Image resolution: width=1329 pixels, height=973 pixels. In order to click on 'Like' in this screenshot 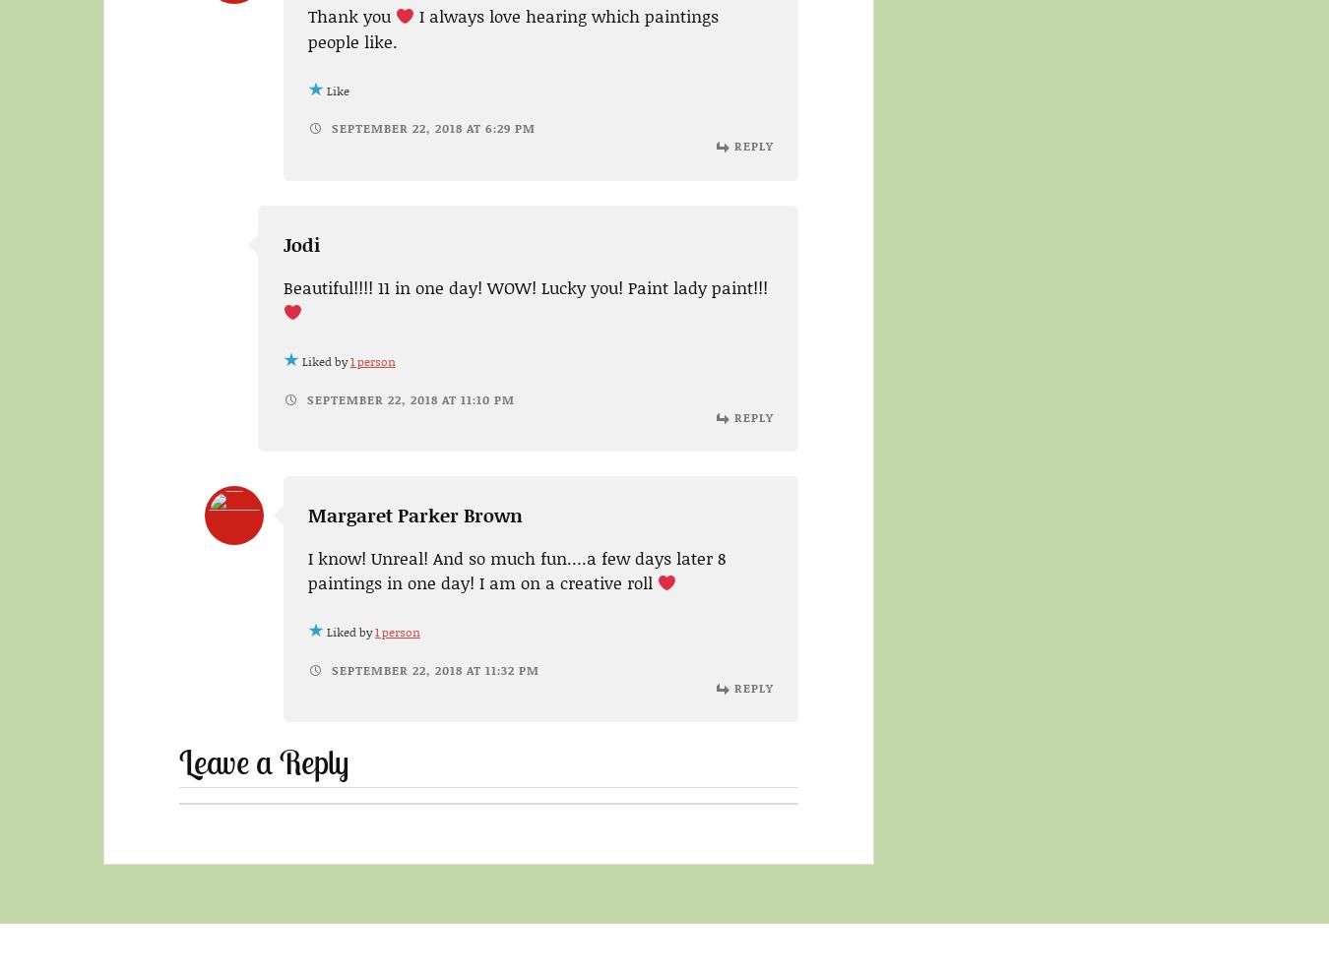, I will do `click(338, 90)`.